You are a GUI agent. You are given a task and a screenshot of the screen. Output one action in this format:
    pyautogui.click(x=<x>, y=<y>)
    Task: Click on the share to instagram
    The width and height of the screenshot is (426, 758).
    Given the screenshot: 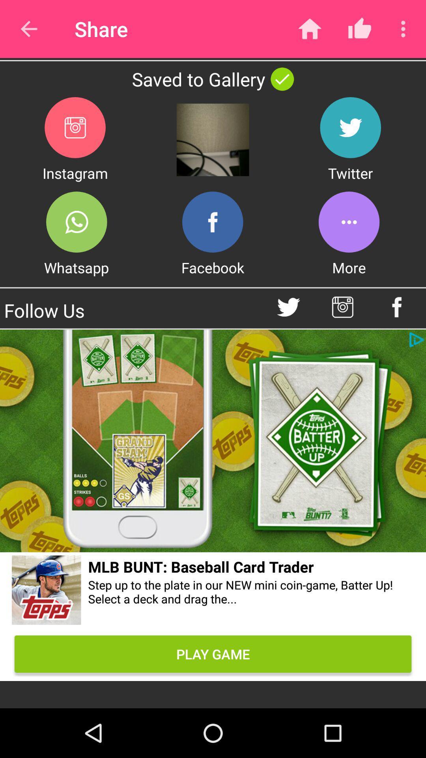 What is the action you would take?
    pyautogui.click(x=75, y=128)
    